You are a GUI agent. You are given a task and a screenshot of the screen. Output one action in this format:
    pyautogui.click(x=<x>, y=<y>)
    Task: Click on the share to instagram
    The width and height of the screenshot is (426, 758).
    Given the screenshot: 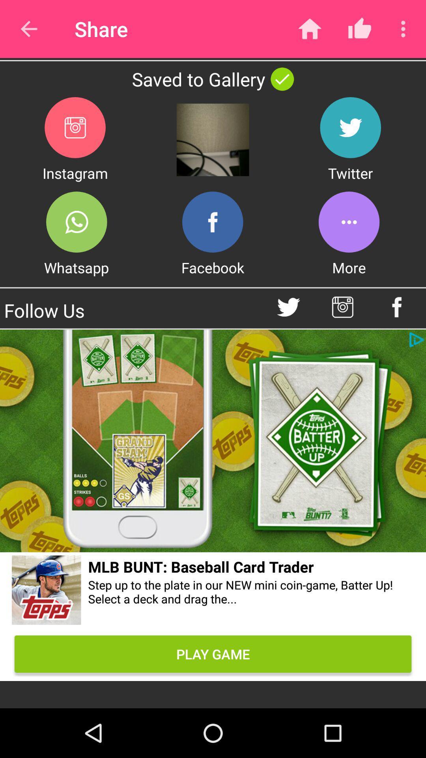 What is the action you would take?
    pyautogui.click(x=75, y=128)
    